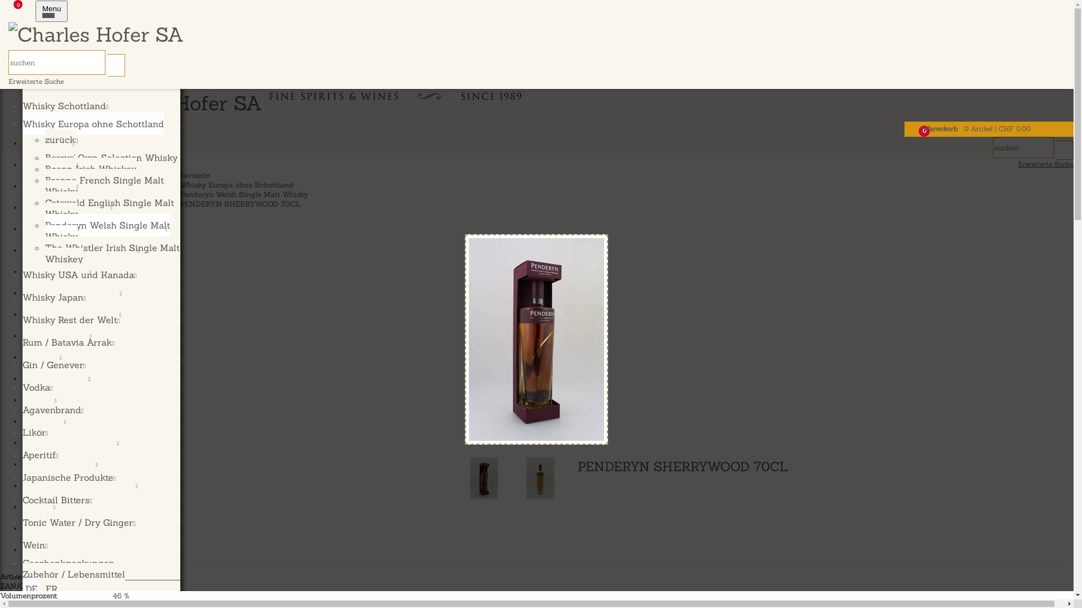 The height and width of the screenshot is (608, 1082). I want to click on 'Whisky Rest der Welt', so click(76, 293).